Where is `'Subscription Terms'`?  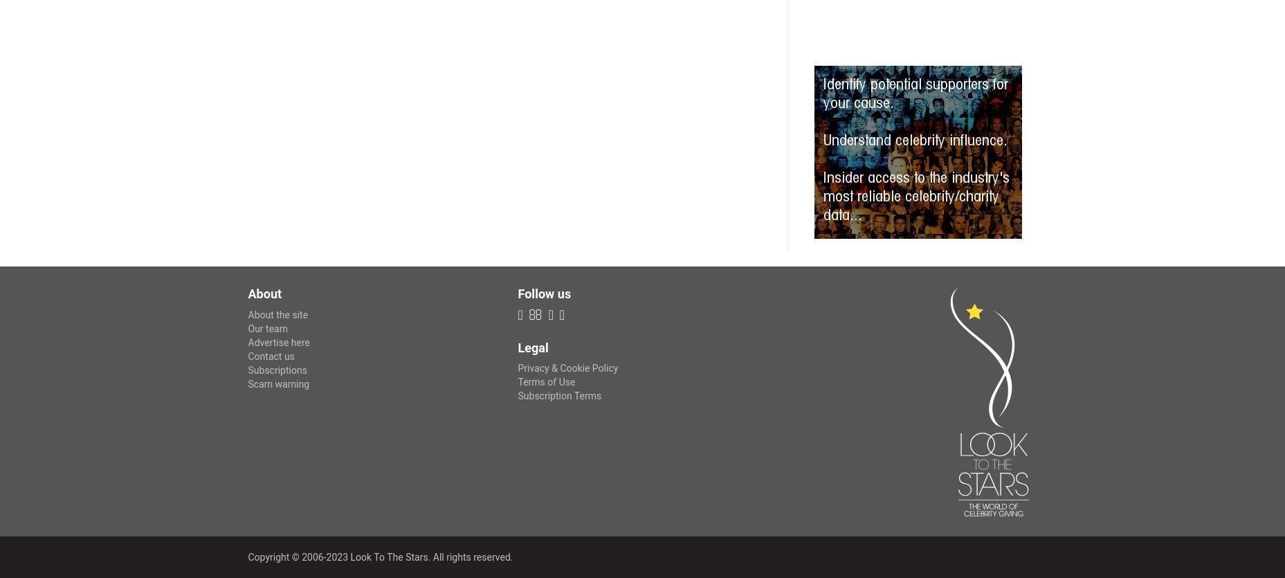 'Subscription Terms' is located at coordinates (559, 395).